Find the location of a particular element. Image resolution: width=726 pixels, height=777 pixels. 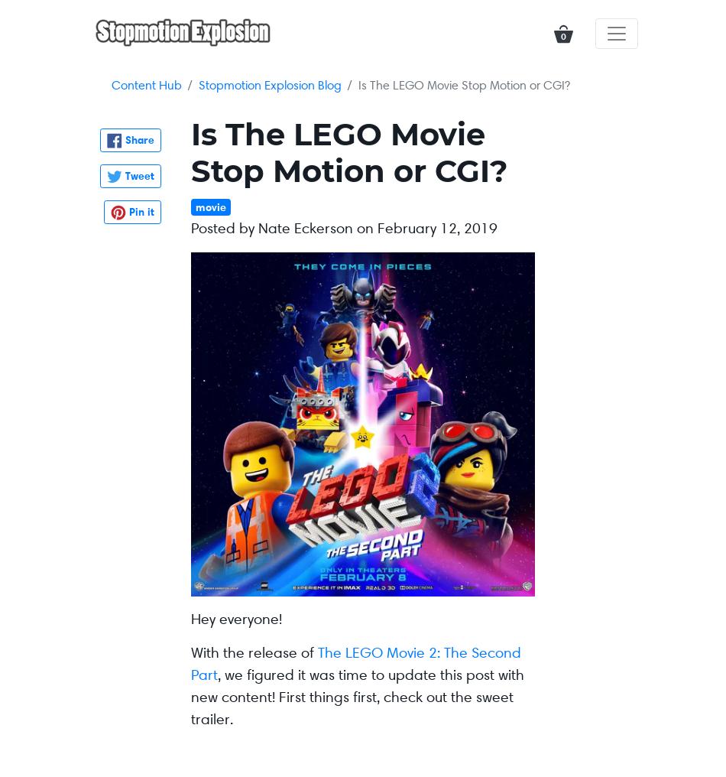

'Posted by Nate Eckerson on' is located at coordinates (284, 226).